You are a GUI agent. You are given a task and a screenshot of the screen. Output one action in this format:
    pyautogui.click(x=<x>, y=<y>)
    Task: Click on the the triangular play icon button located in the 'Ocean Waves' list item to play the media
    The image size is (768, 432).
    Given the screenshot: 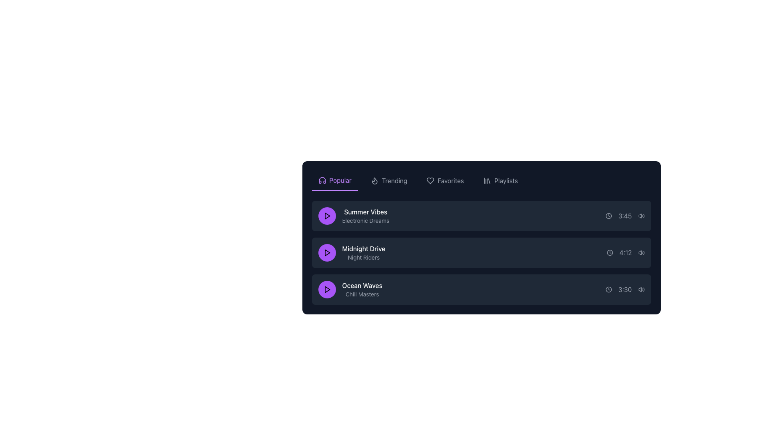 What is the action you would take?
    pyautogui.click(x=327, y=290)
    